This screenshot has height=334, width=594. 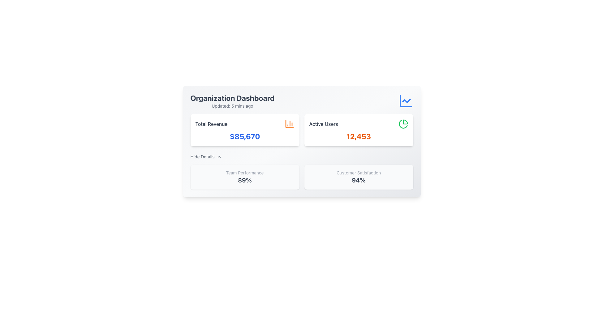 What do you see at coordinates (244, 180) in the screenshot?
I see `the static text displaying '89%' in bold dark gray font, located at the center-bottom of the 'Team Performance' card` at bounding box center [244, 180].